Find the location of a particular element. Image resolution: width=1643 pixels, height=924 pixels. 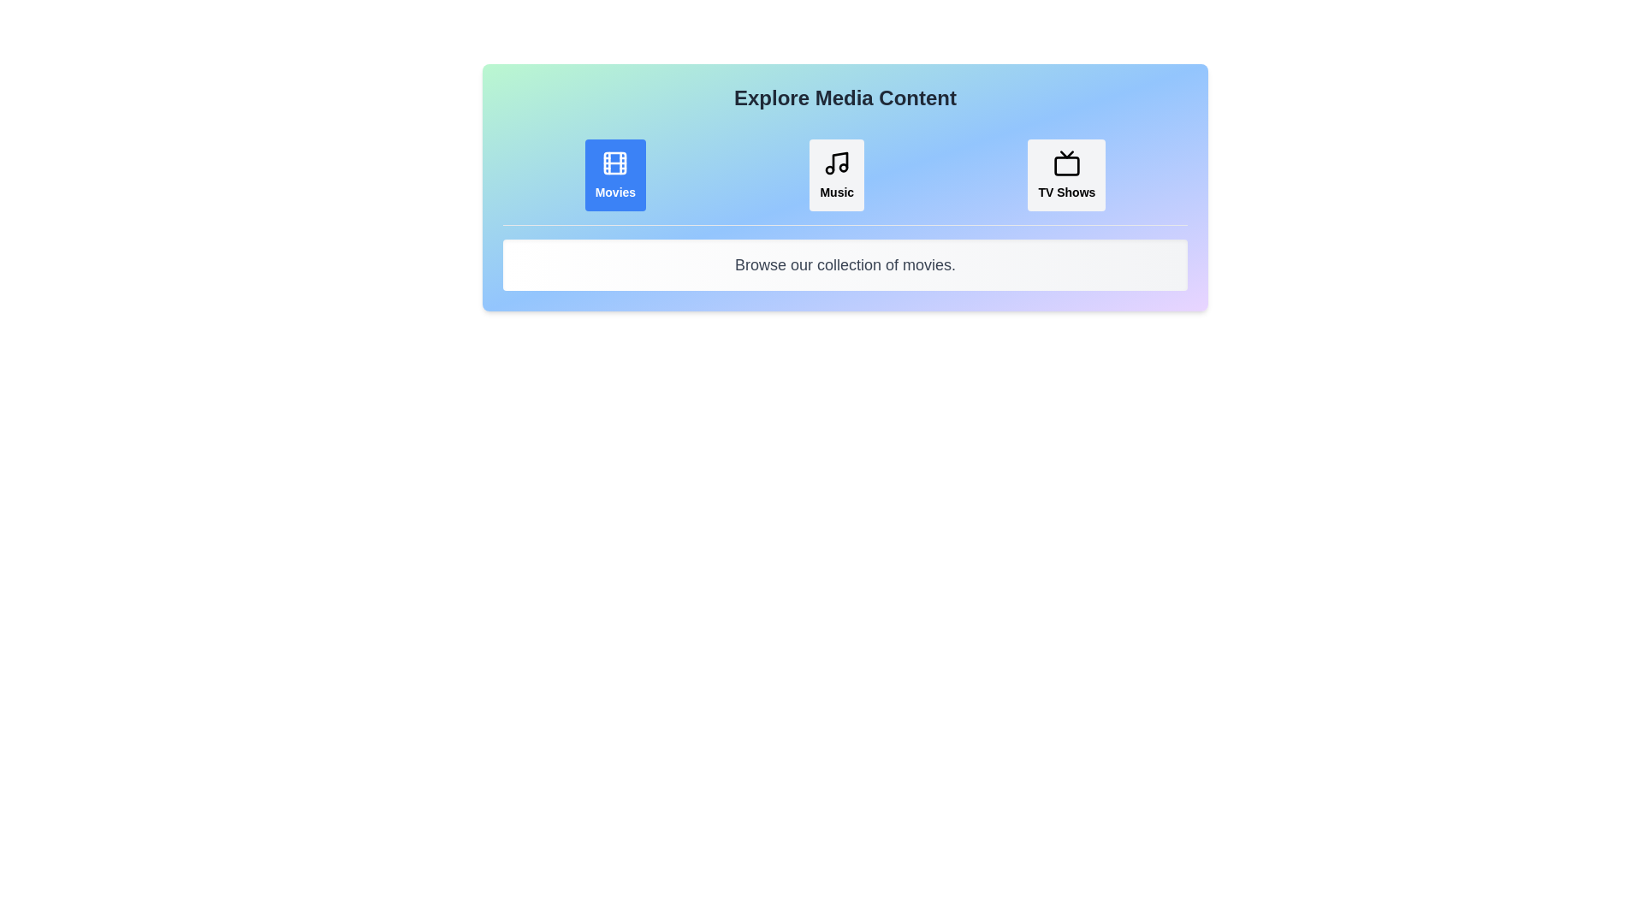

the decorative icon representing TV shows, positioned at the rightmost side of the 'TV Shows' card, centered vertically above the text label is located at coordinates (1065, 163).